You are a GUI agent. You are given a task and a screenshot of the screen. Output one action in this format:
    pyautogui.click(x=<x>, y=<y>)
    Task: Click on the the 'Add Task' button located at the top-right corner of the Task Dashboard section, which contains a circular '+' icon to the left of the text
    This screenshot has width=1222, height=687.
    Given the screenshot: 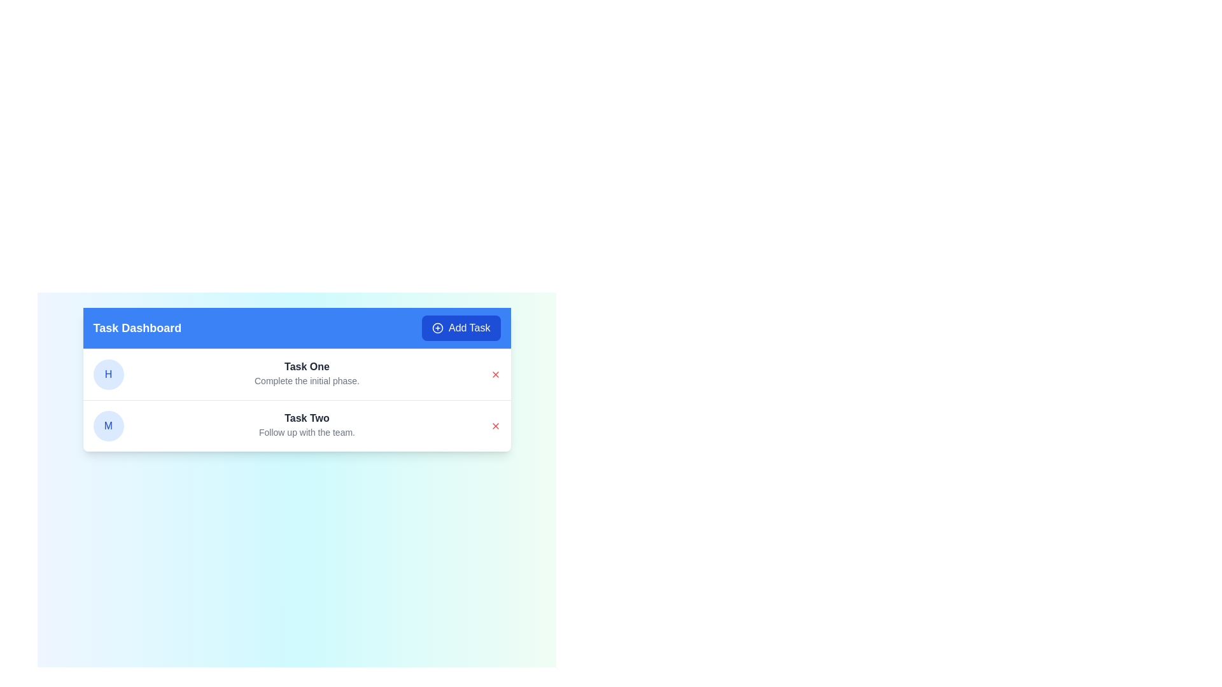 What is the action you would take?
    pyautogui.click(x=437, y=328)
    